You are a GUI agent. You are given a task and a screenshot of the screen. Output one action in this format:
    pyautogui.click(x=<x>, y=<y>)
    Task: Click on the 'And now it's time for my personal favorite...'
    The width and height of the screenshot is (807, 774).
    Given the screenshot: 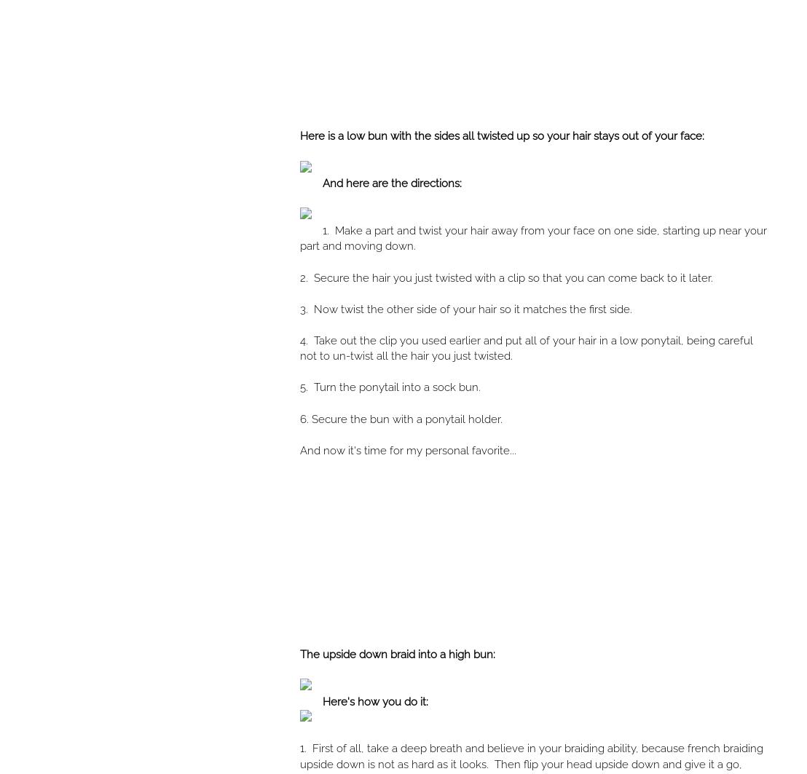 What is the action you would take?
    pyautogui.click(x=408, y=449)
    